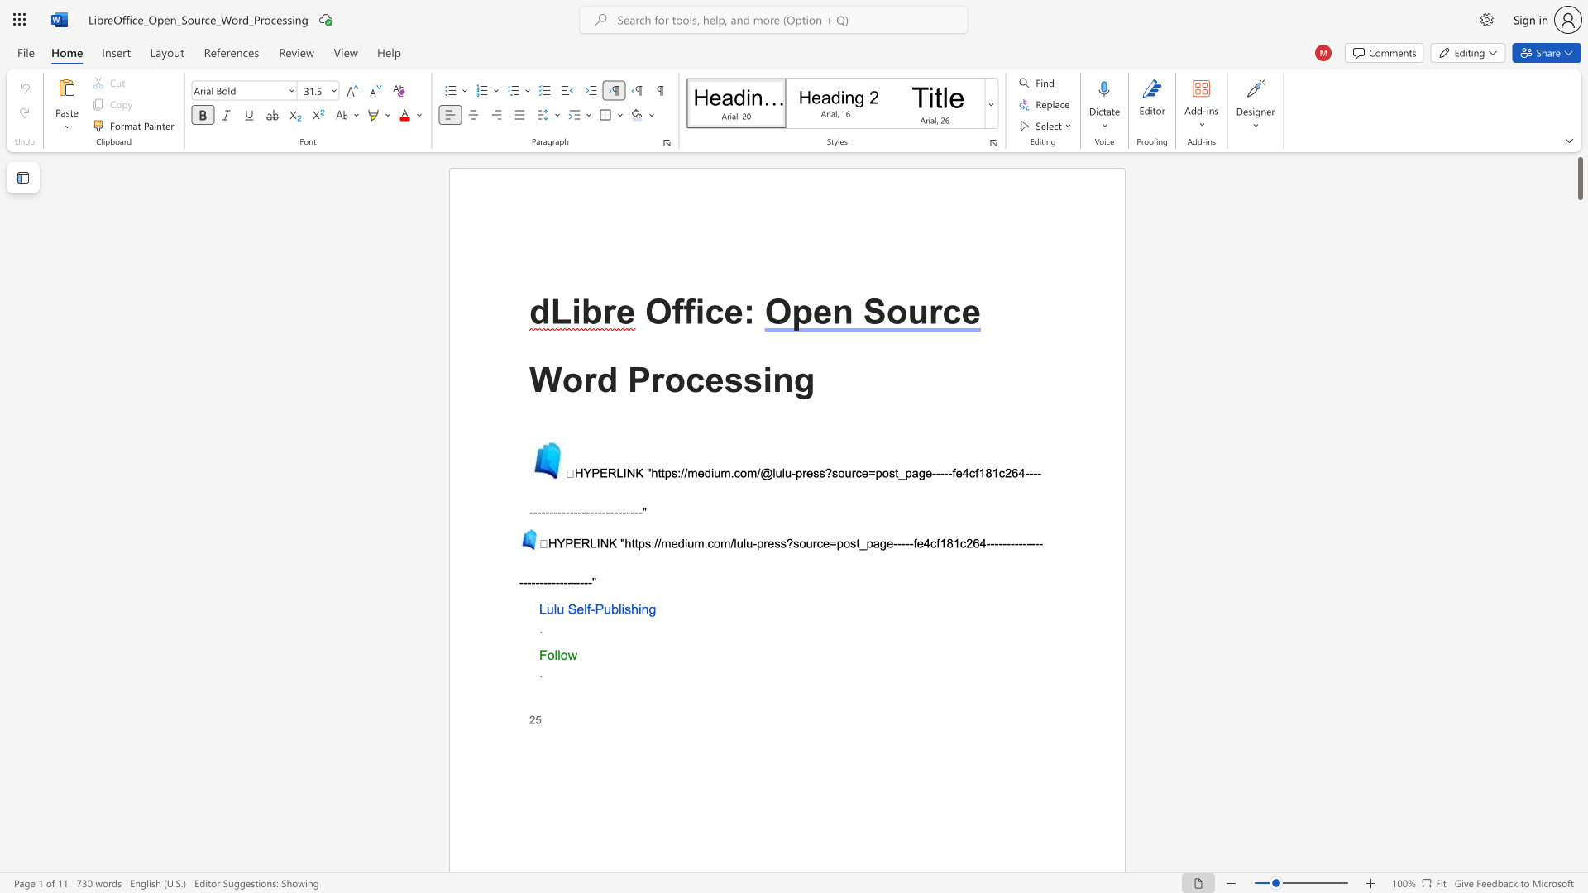  I want to click on the scrollbar to scroll the page down, so click(1579, 289).